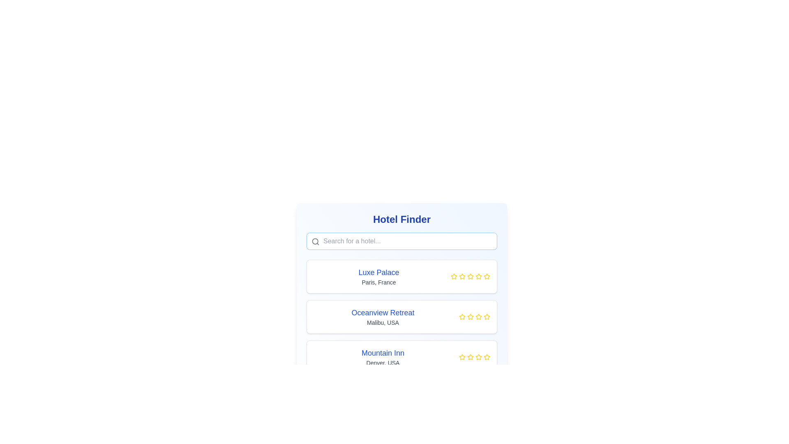 This screenshot has height=444, width=789. What do you see at coordinates (479, 276) in the screenshot?
I see `the fifth star-shaped icon in yellow for the 'Luxe Palace' hotel entry` at bounding box center [479, 276].